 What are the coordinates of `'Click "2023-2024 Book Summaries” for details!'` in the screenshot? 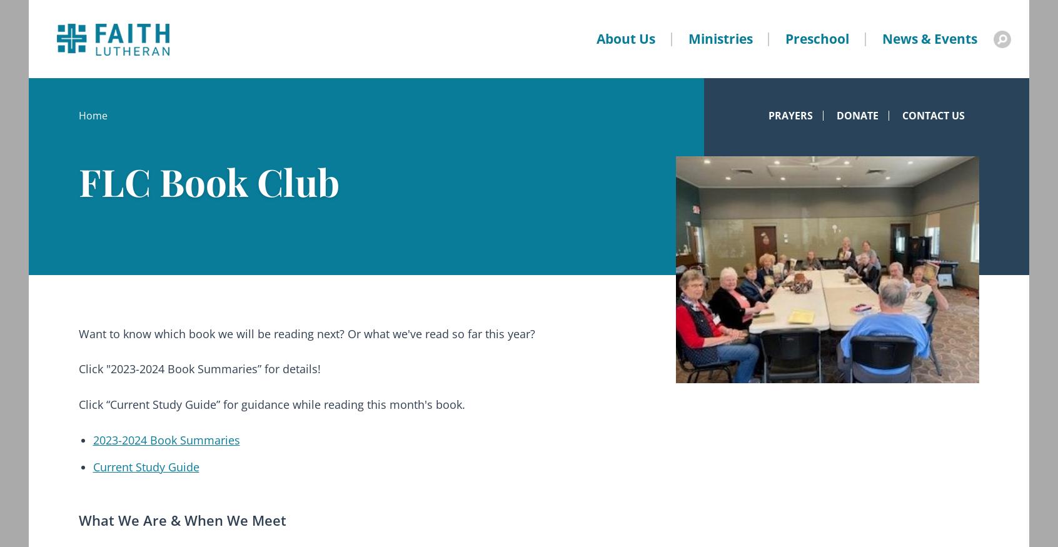 It's located at (79, 369).